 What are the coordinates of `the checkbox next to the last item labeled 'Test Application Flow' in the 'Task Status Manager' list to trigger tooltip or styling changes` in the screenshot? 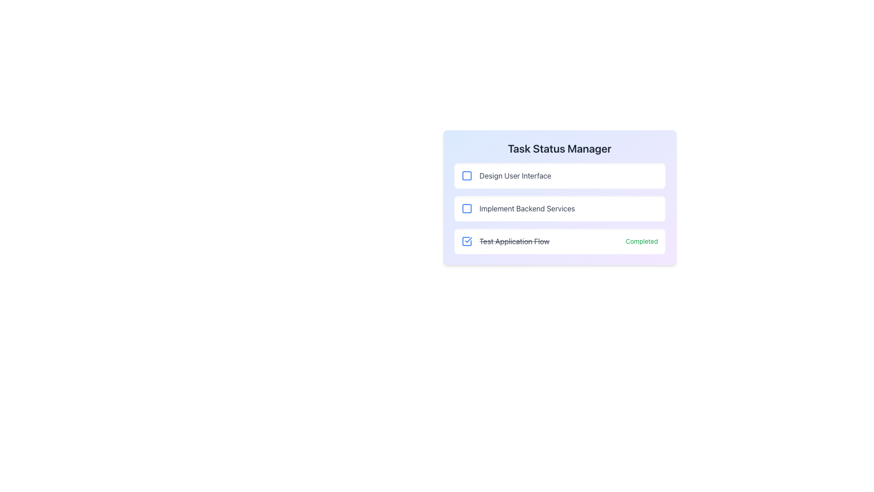 It's located at (467, 241).